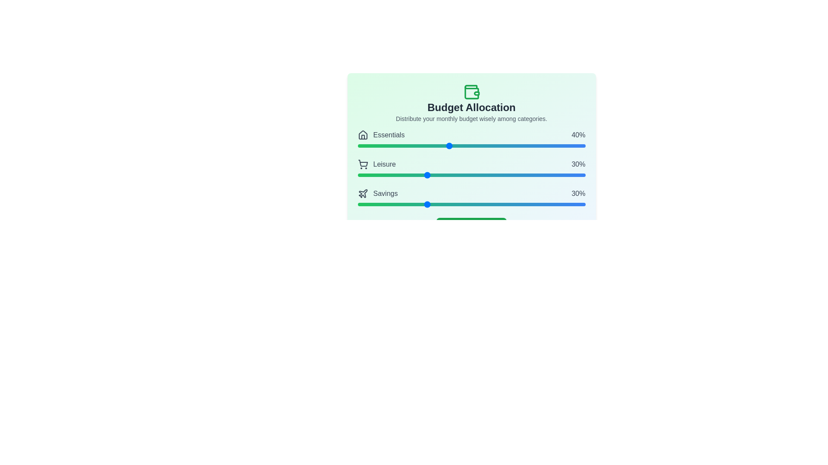 The height and width of the screenshot is (465, 828). Describe the element at coordinates (417, 204) in the screenshot. I see `the 'Savings' slider to set its value to 26` at that location.